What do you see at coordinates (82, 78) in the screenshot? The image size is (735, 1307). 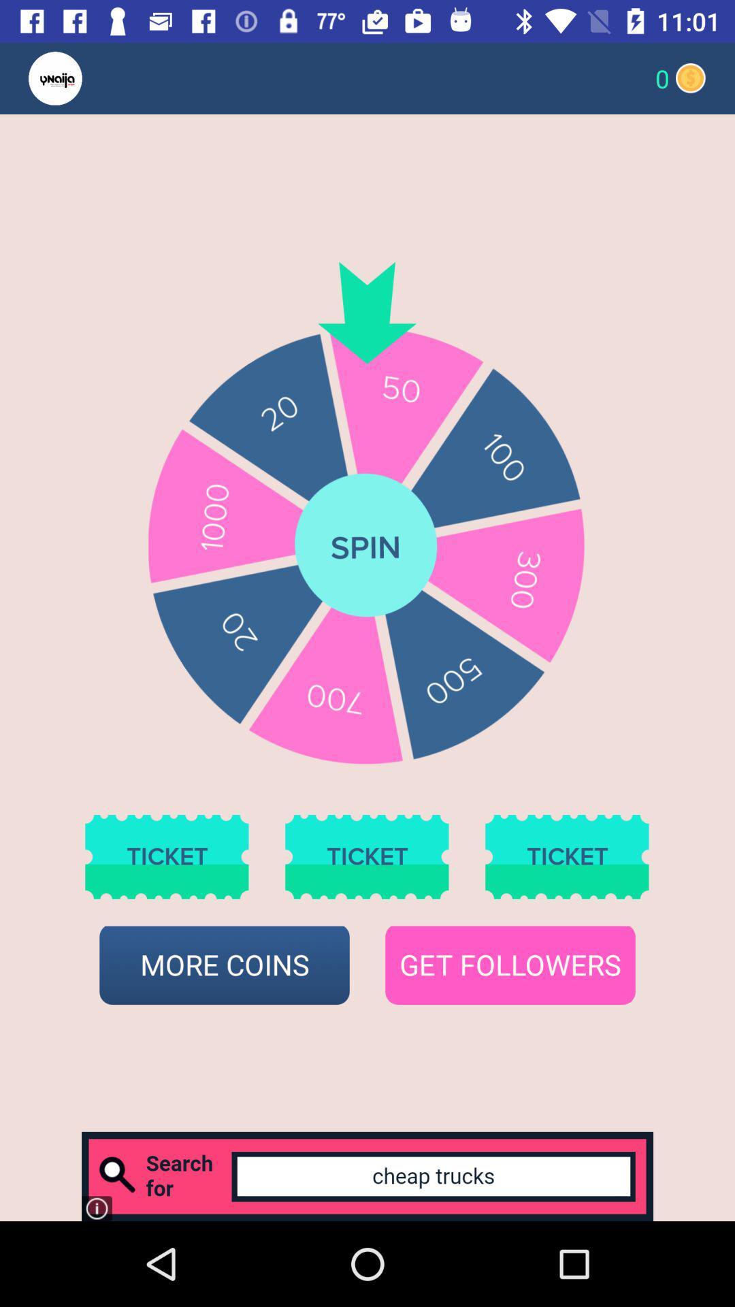 I see `return to main screen` at bounding box center [82, 78].